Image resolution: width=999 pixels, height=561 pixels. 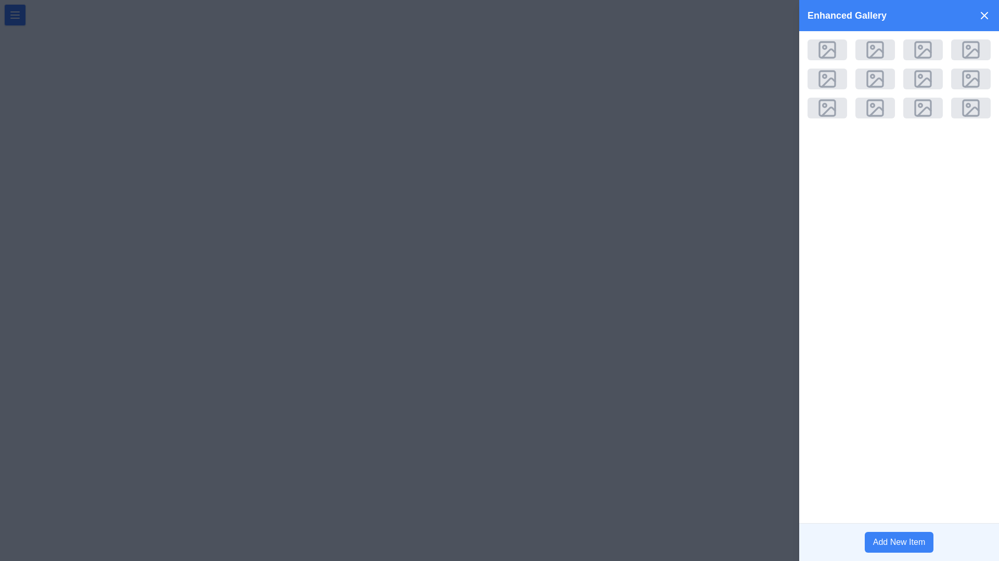 I want to click on the main rectangular body of the image placeholder icon, which serves as the background for the icon's components, so click(x=874, y=50).